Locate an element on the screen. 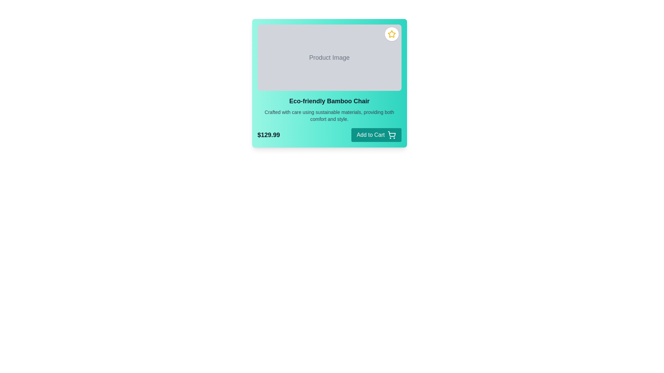 Image resolution: width=664 pixels, height=373 pixels. the shopping cart icon embedded within the 'Add to Cart' button is located at coordinates (391, 134).